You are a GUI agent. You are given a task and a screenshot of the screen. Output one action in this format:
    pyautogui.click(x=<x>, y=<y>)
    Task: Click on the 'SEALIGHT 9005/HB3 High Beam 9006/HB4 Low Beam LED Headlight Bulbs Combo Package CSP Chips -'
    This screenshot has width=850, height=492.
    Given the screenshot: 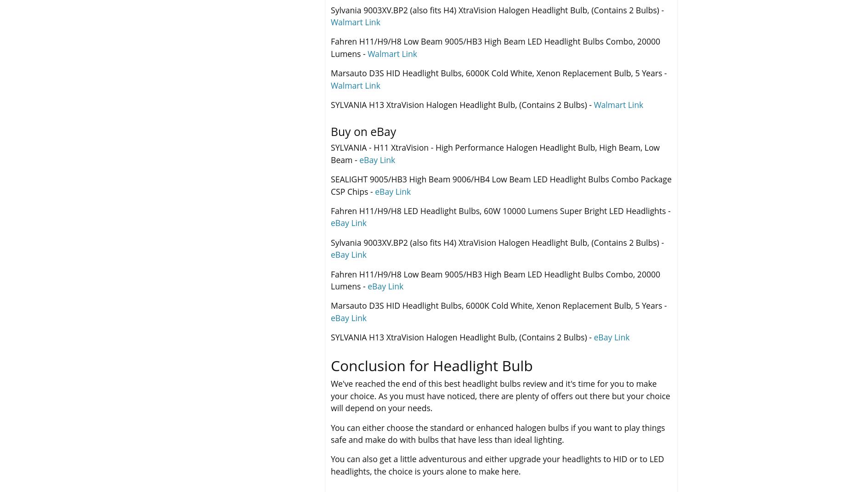 What is the action you would take?
    pyautogui.click(x=500, y=185)
    